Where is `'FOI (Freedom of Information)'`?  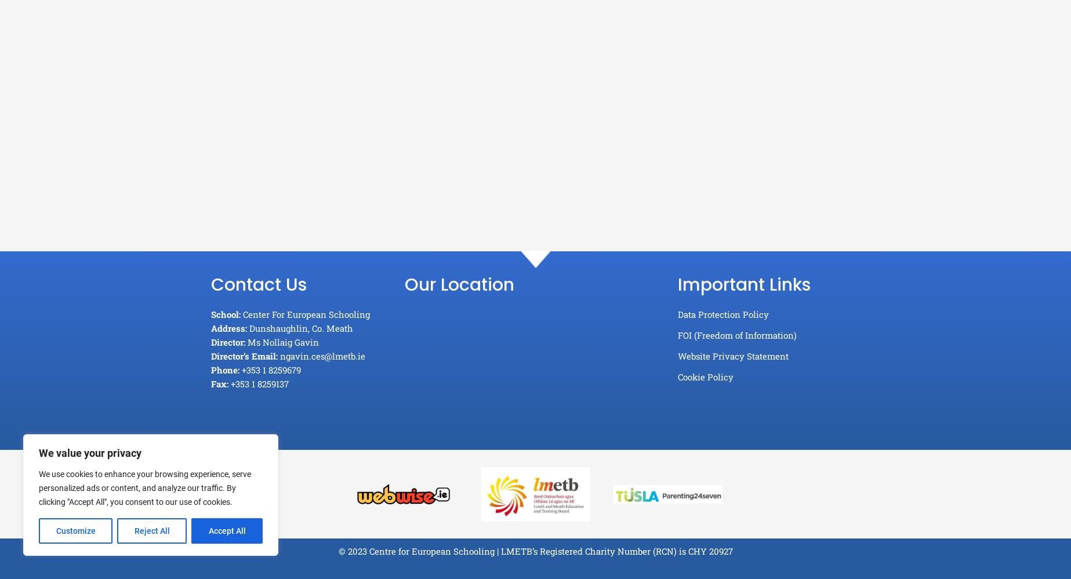
'FOI (Freedom of Information)' is located at coordinates (736, 335).